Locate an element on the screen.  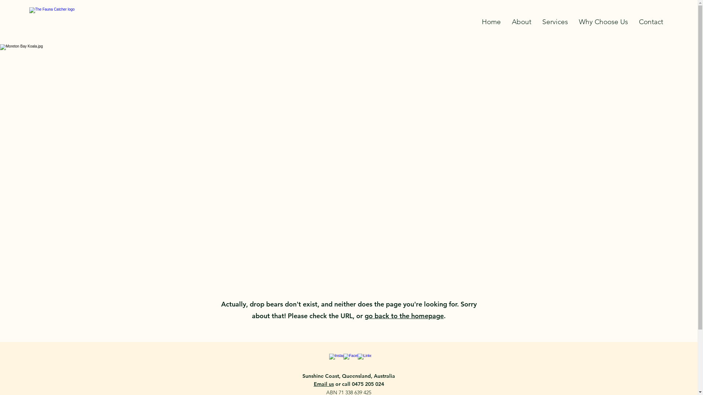
'About' is located at coordinates (521, 22).